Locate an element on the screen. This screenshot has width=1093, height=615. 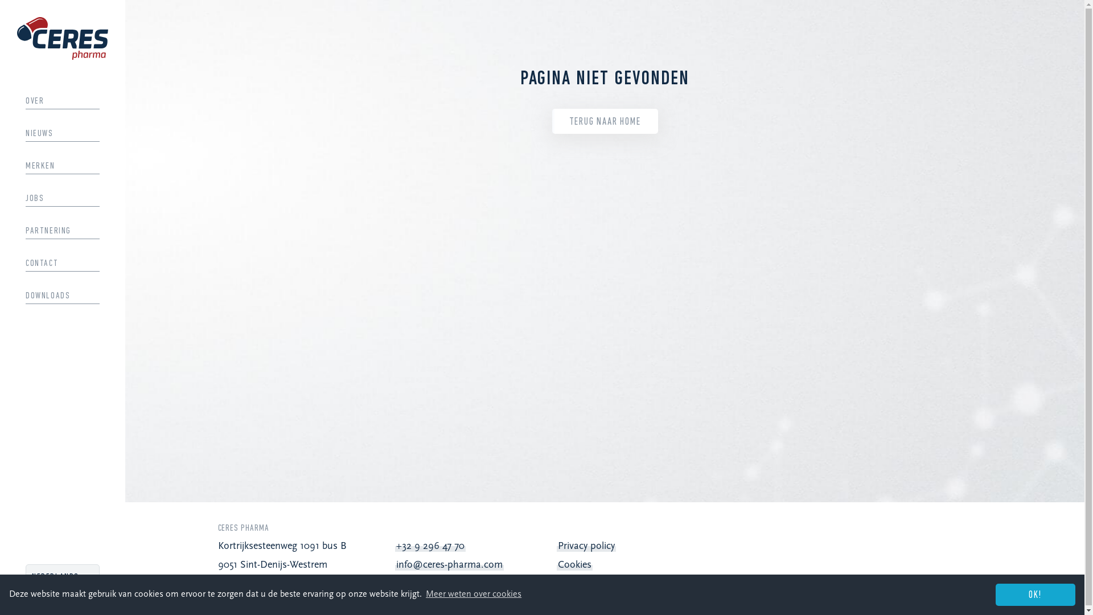
'MERKEN' is located at coordinates (25, 166).